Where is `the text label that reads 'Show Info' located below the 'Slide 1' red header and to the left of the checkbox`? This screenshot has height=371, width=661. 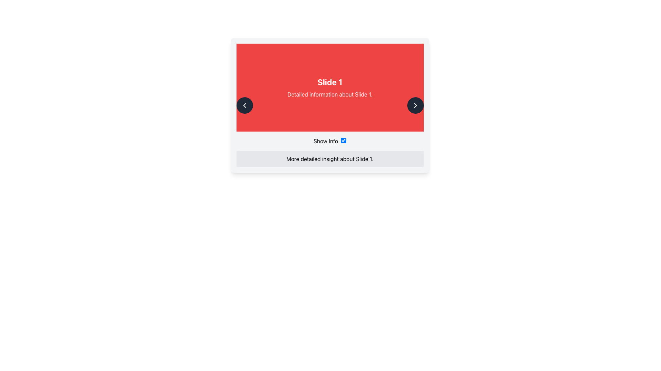 the text label that reads 'Show Info' located below the 'Slide 1' red header and to the left of the checkbox is located at coordinates (325, 141).